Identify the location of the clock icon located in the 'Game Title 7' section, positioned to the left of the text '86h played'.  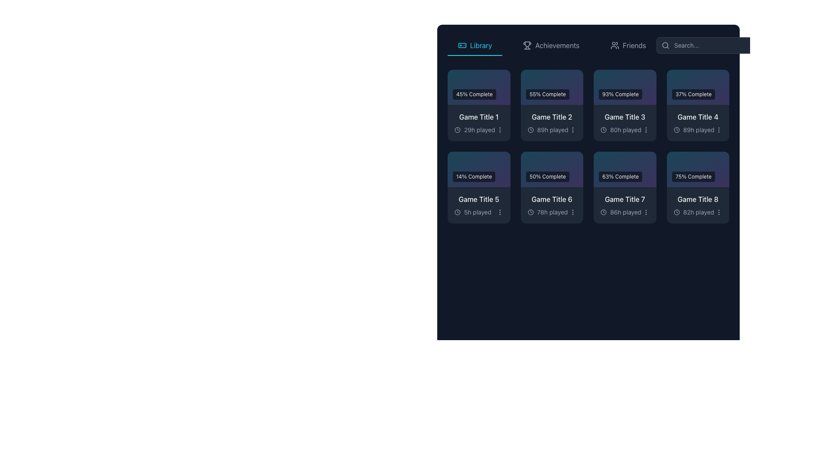
(603, 212).